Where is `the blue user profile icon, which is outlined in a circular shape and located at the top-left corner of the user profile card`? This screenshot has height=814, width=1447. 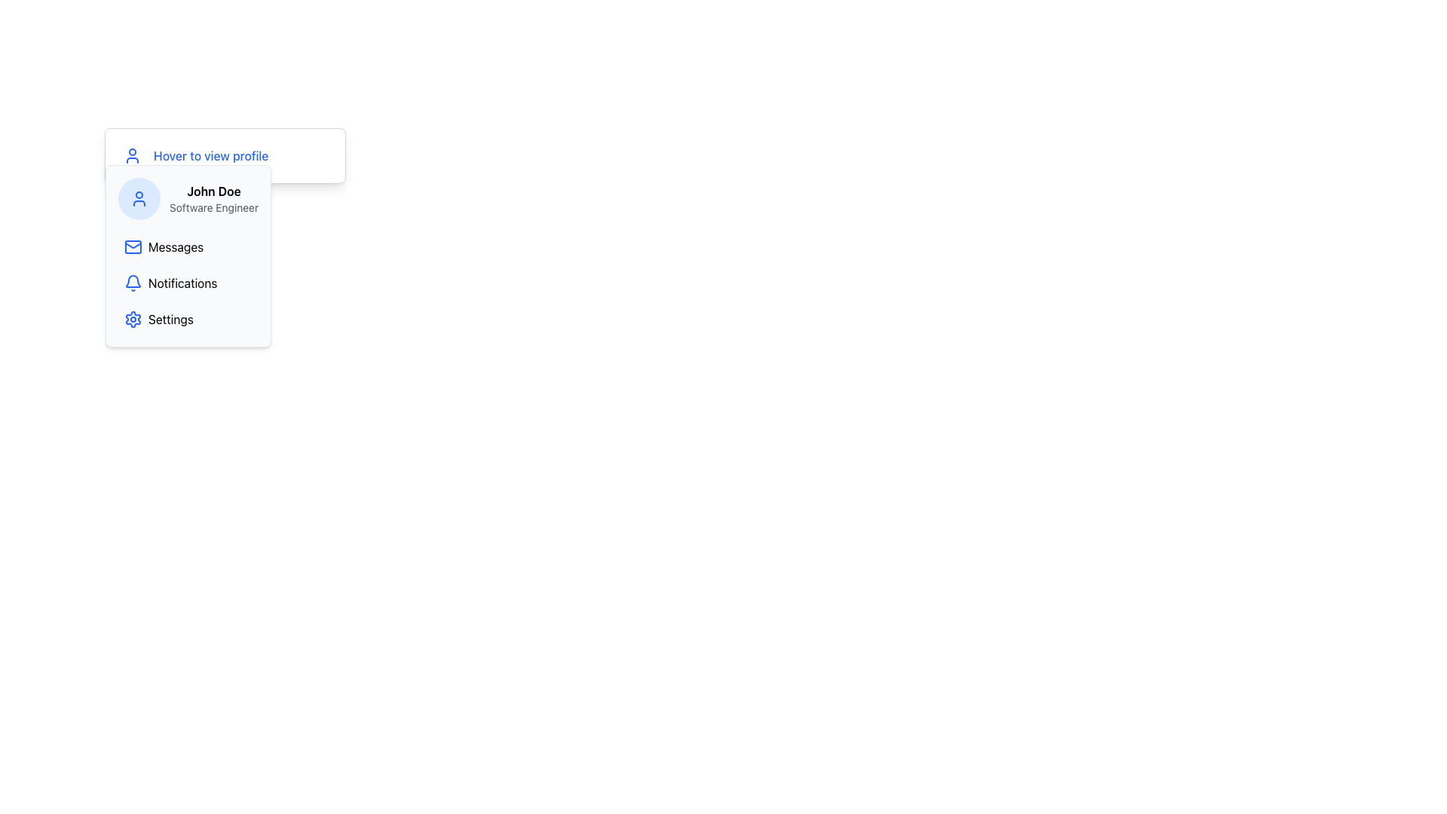
the blue user profile icon, which is outlined in a circular shape and located at the top-left corner of the user profile card is located at coordinates (139, 197).